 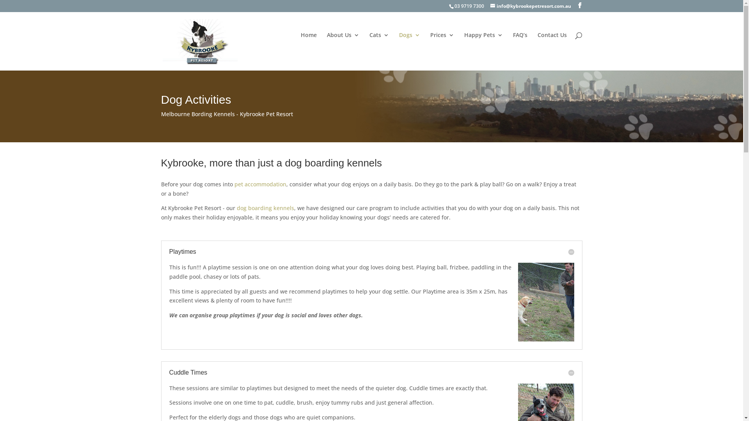 I want to click on 'Home', so click(x=300, y=45).